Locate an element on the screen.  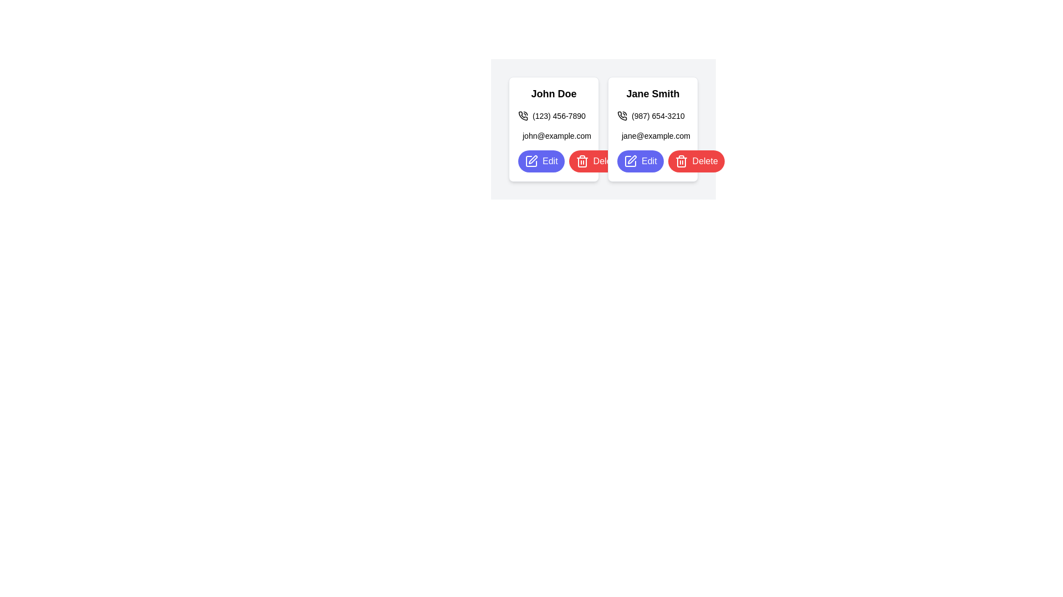
the graphical icon resembling a pen or pencil, part of the 'Edit' button associated with John Doe's contact information is located at coordinates (533, 160).